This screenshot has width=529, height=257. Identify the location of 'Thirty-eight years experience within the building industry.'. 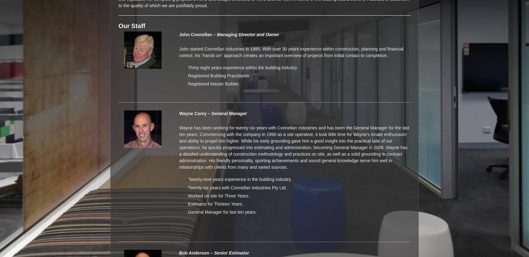
(243, 67).